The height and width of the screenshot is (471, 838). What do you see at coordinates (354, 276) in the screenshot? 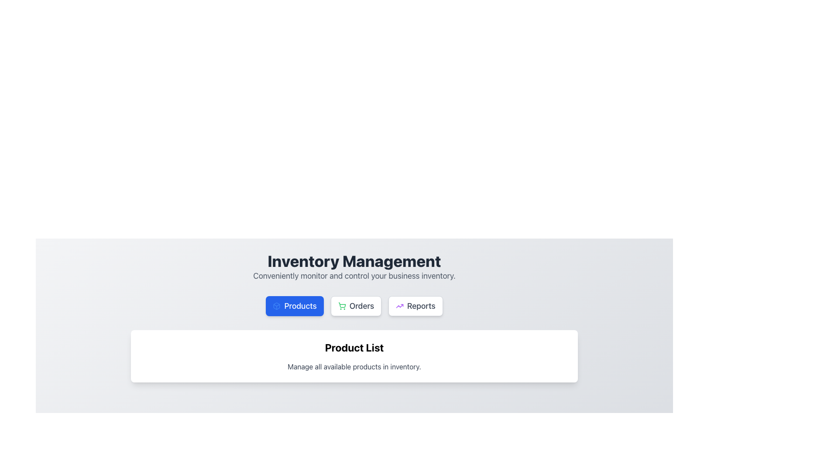
I see `the text segment displaying the phrase 'Conveniently monitor and control your business inventory.' which is located below the heading 'Inventory Management.'` at bounding box center [354, 276].